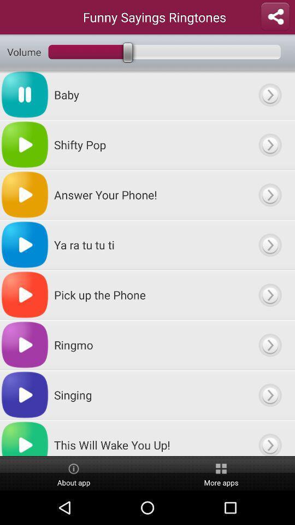 The width and height of the screenshot is (295, 525). Describe the element at coordinates (269, 94) in the screenshot. I see `plye button` at that location.